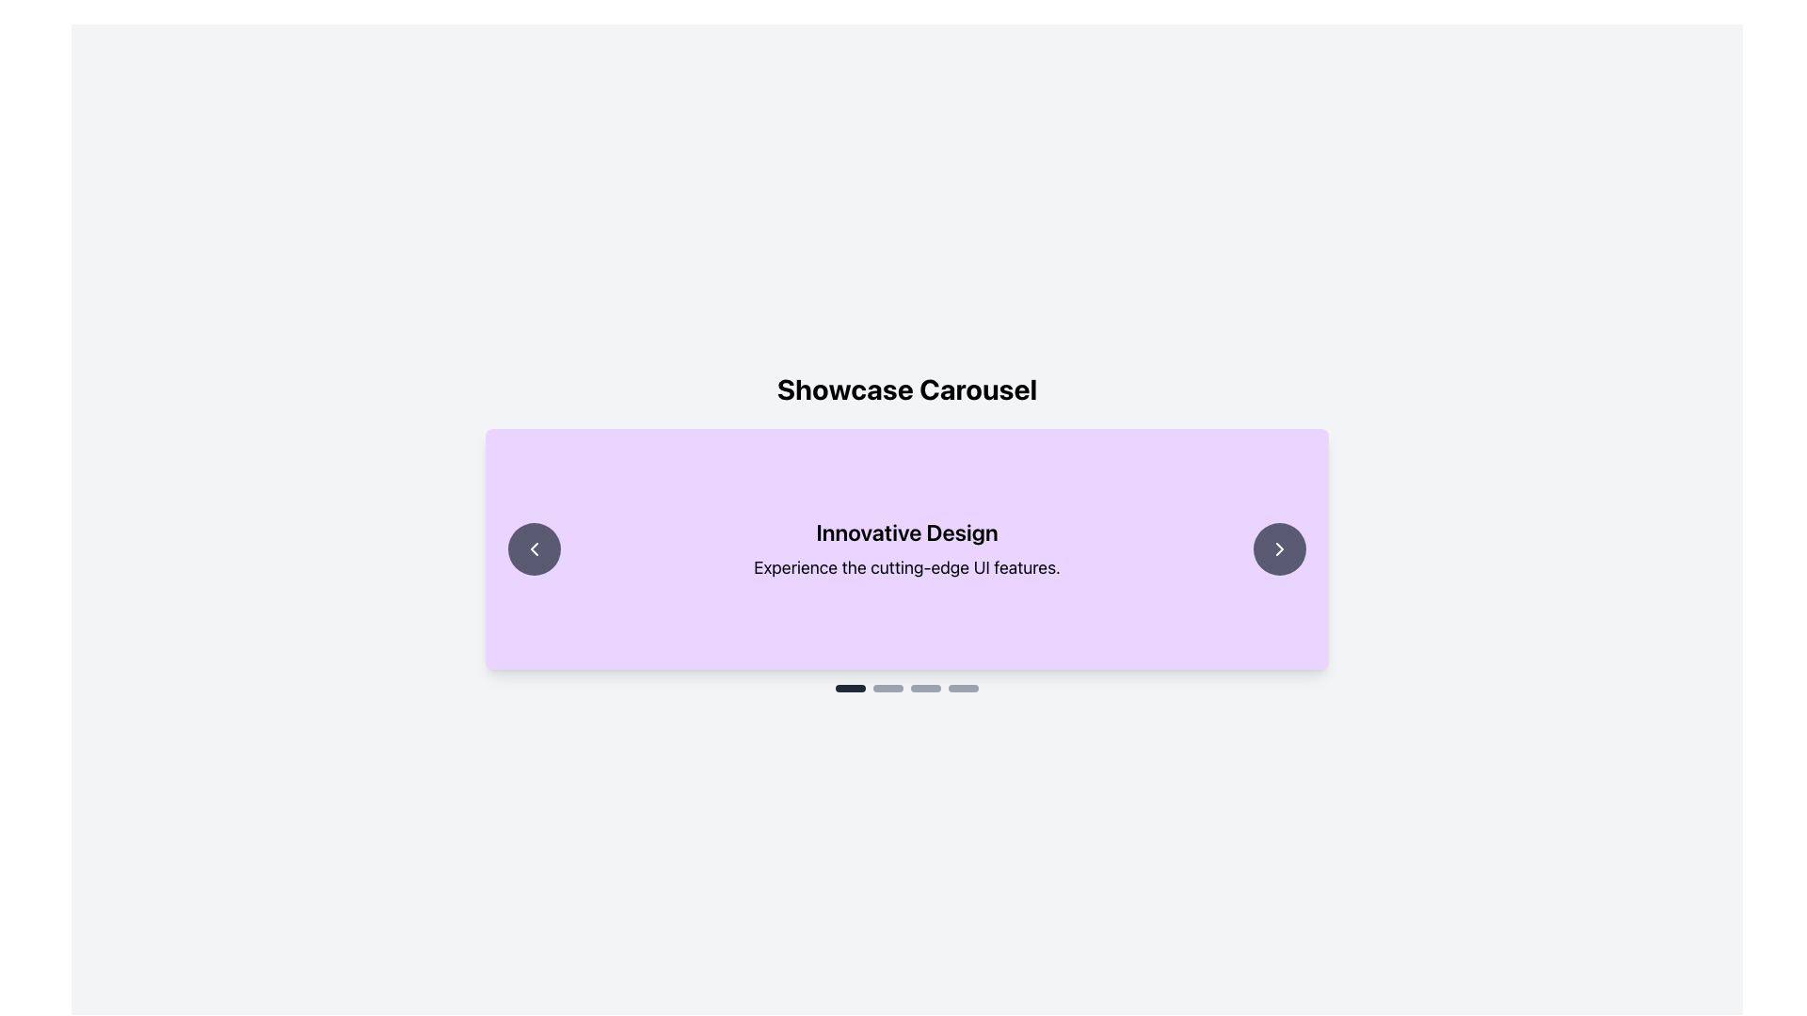 The height and width of the screenshot is (1016, 1807). Describe the element at coordinates (849, 689) in the screenshot. I see `the first horizontal pill indicator with a dark gray background located at the bottom of the carousel section` at that location.